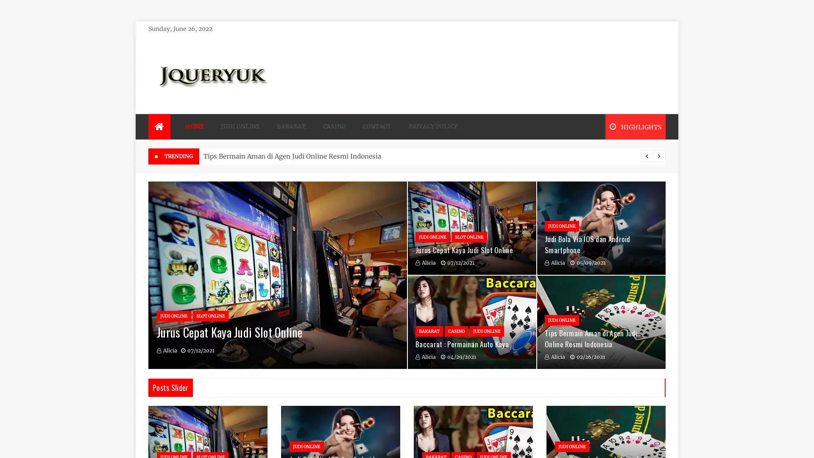 This screenshot has width=814, height=458. I want to click on HIGHLIGHTS, so click(635, 127).